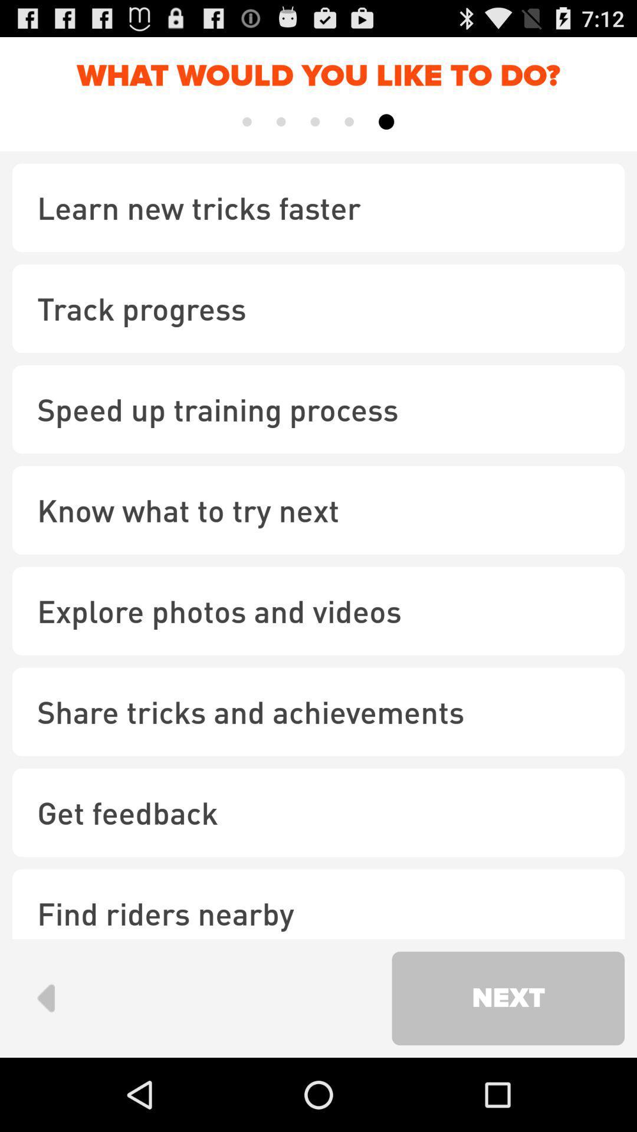 This screenshot has height=1132, width=637. Describe the element at coordinates (318, 611) in the screenshot. I see `the explore photos and checkbox` at that location.